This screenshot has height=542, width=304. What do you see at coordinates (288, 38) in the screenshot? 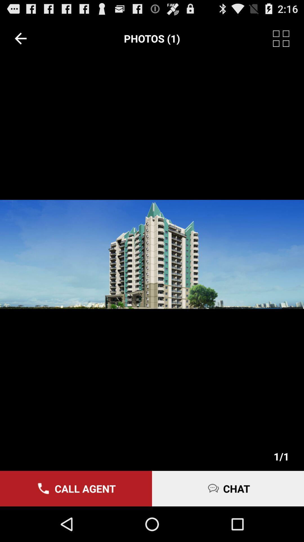
I see `the item next to the photos (1) icon` at bounding box center [288, 38].